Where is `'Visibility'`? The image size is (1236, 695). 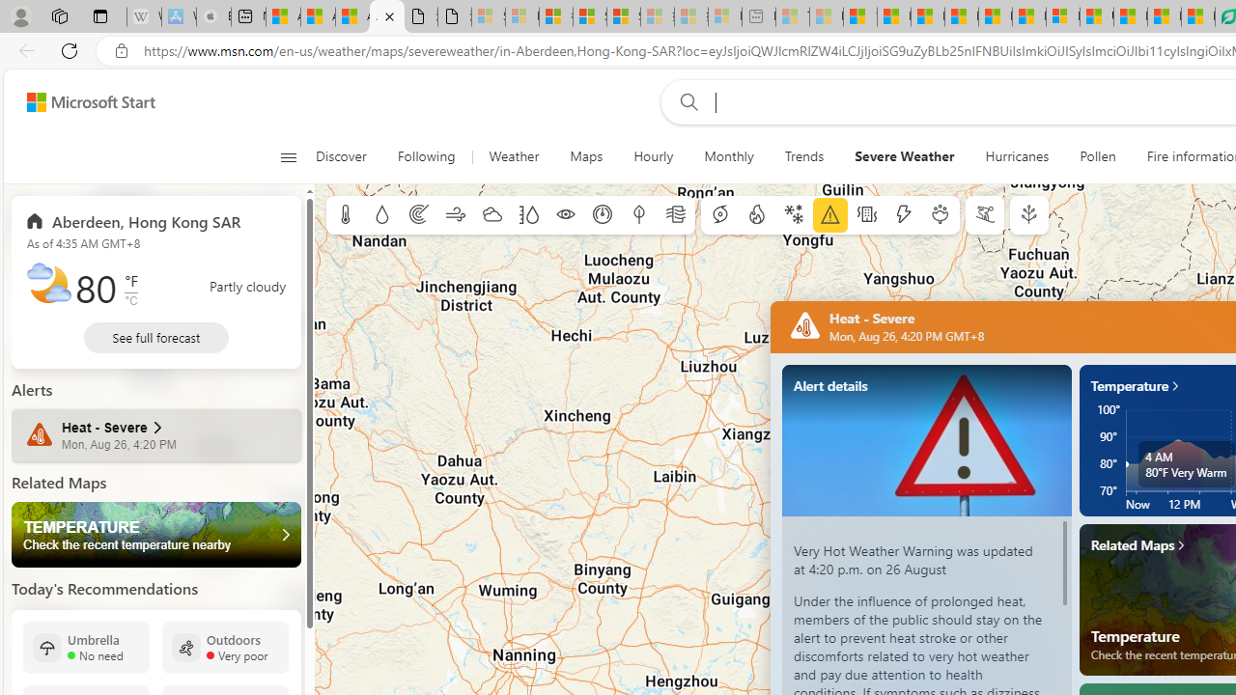
'Visibility' is located at coordinates (565, 215).